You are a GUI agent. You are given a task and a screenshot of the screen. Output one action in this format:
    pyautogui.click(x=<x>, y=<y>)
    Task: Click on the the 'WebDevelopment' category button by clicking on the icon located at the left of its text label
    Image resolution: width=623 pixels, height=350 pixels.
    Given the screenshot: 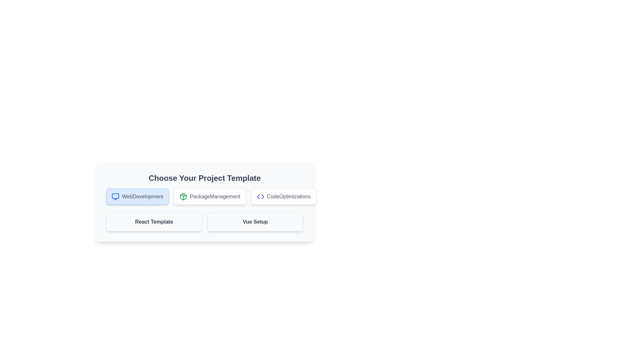 What is the action you would take?
    pyautogui.click(x=115, y=196)
    